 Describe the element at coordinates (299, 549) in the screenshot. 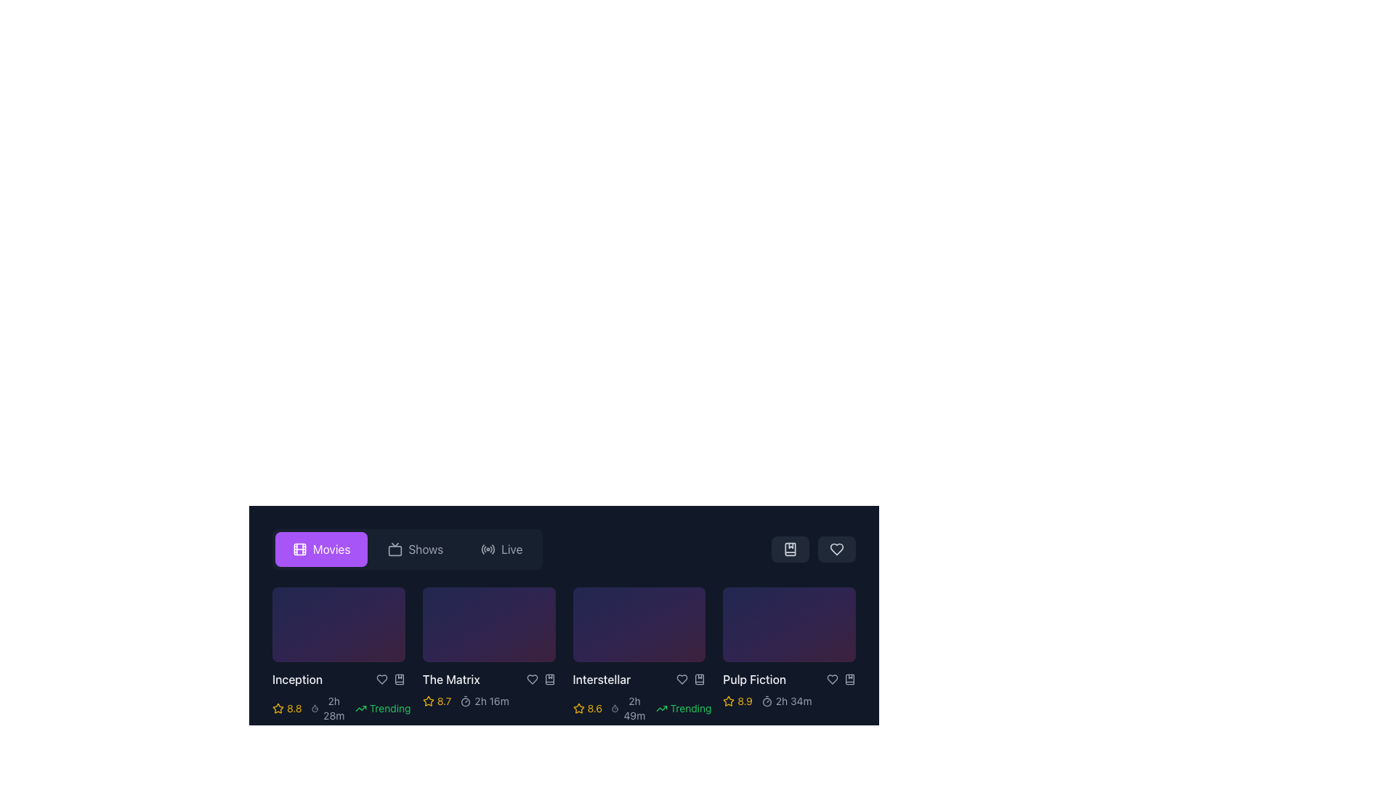

I see `the film reel icon with a purple background that is part of the 'Movies' button in the navigation bar` at that location.